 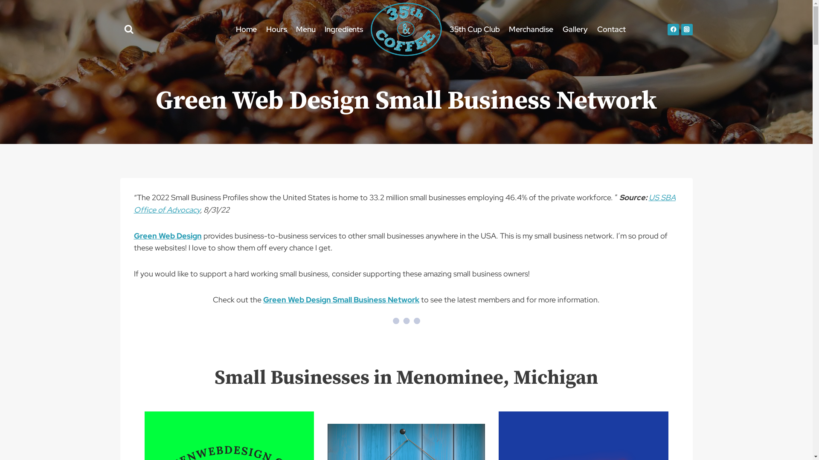 I want to click on 'Green Web Design', so click(x=133, y=236).